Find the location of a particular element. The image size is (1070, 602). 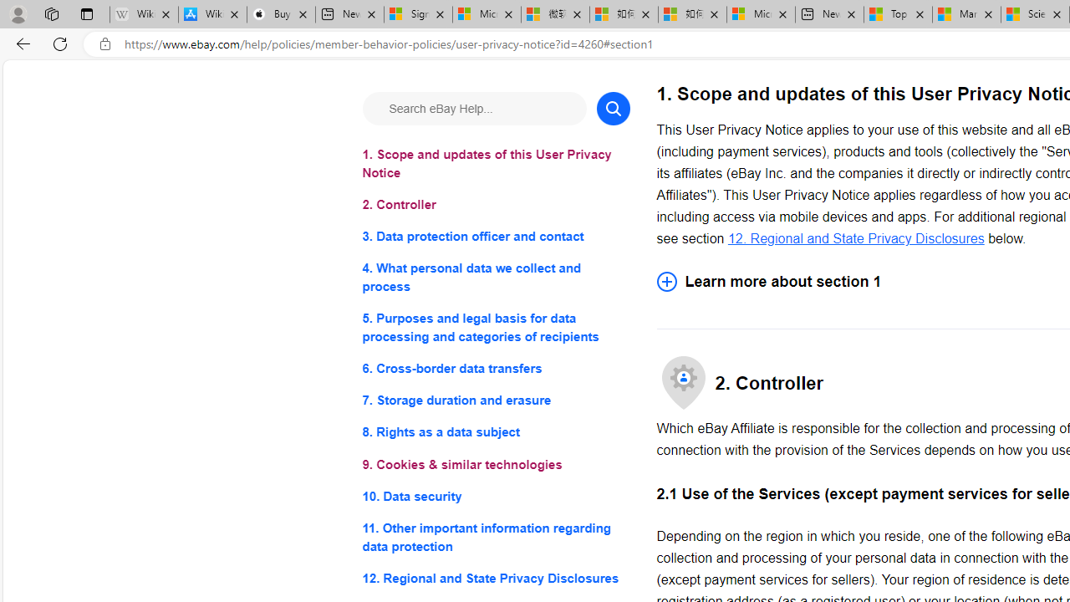

'7. Storage duration and erasure' is located at coordinates (495, 400).